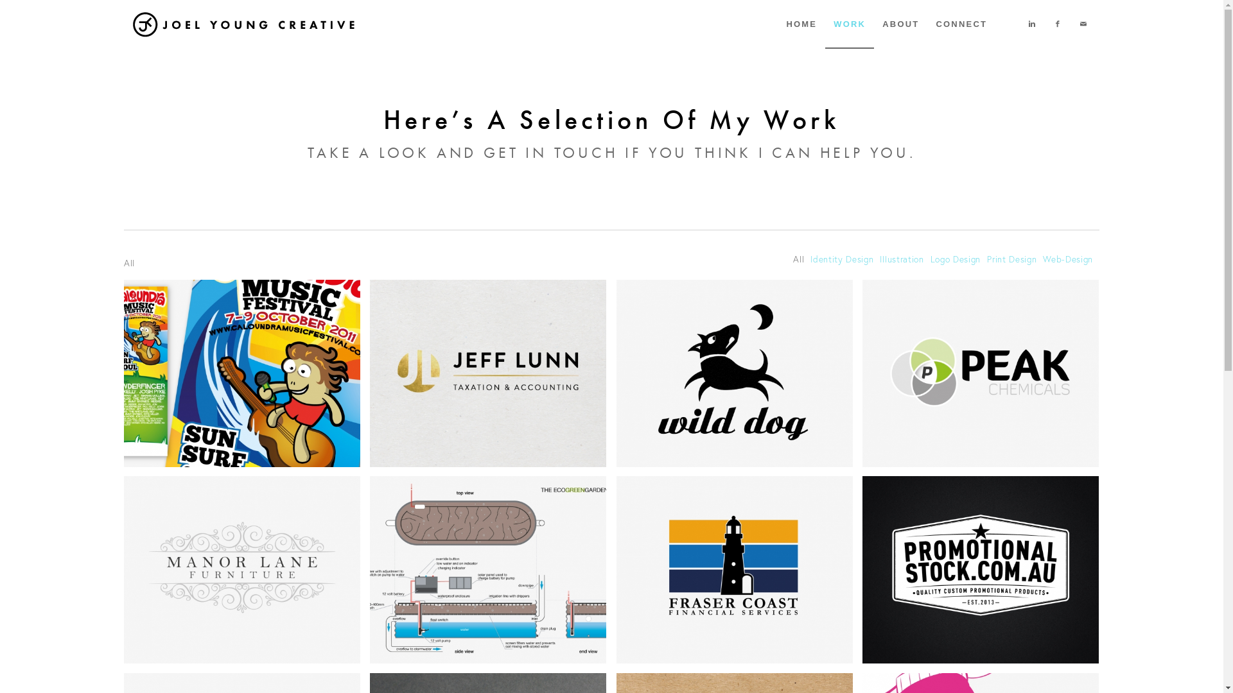 Image resolution: width=1233 pixels, height=693 pixels. What do you see at coordinates (798, 260) in the screenshot?
I see `'All'` at bounding box center [798, 260].